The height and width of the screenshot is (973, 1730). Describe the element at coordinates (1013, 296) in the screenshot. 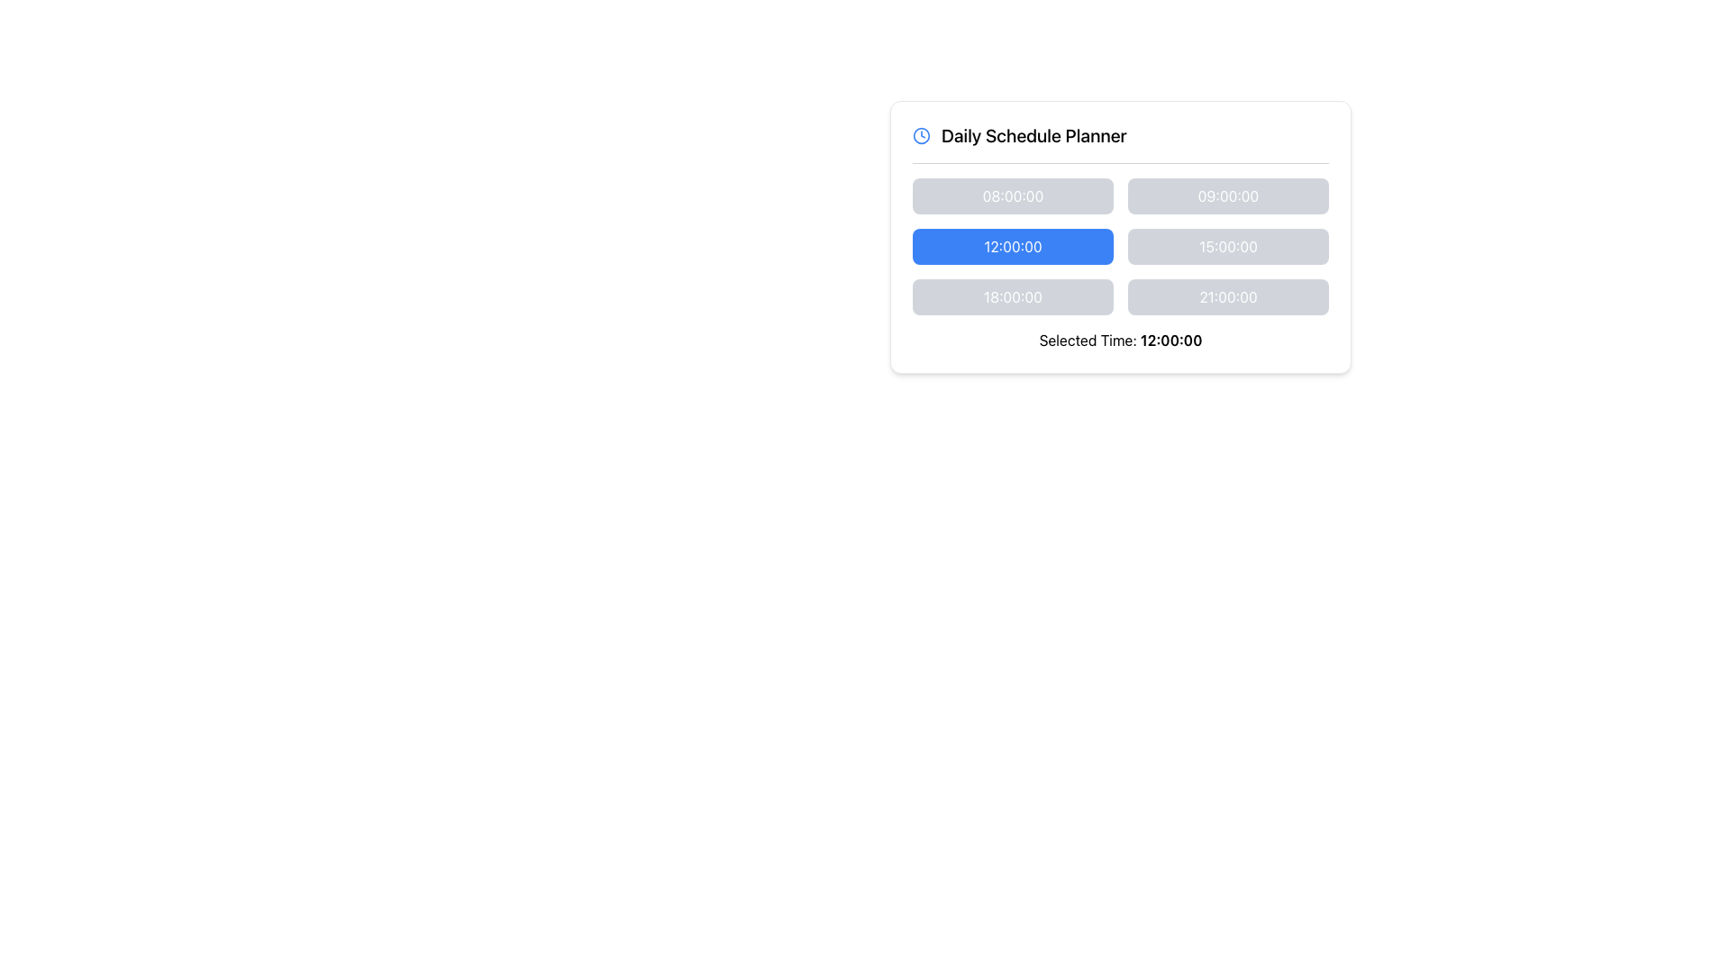

I see `the gray rectangular button labeled '18:00:00'` at that location.